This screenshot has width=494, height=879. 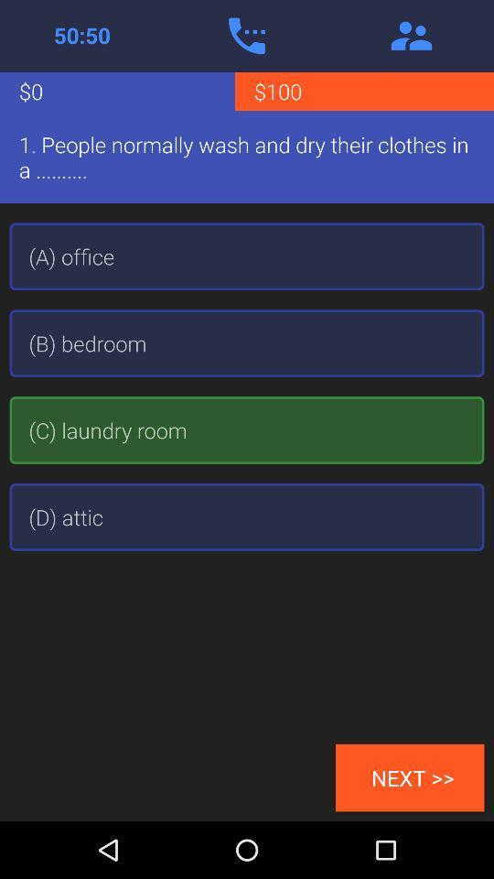 What do you see at coordinates (247, 516) in the screenshot?
I see `the item below the (c) laundry room app` at bounding box center [247, 516].